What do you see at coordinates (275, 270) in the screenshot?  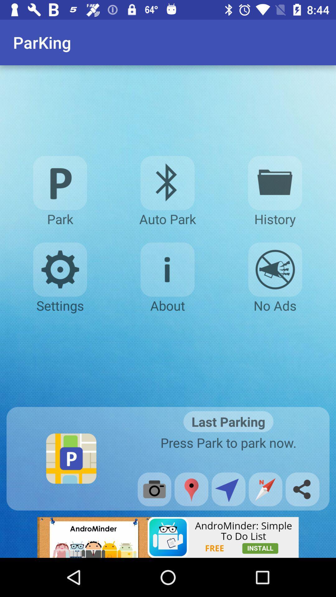 I see `tap to stop advertisements` at bounding box center [275, 270].